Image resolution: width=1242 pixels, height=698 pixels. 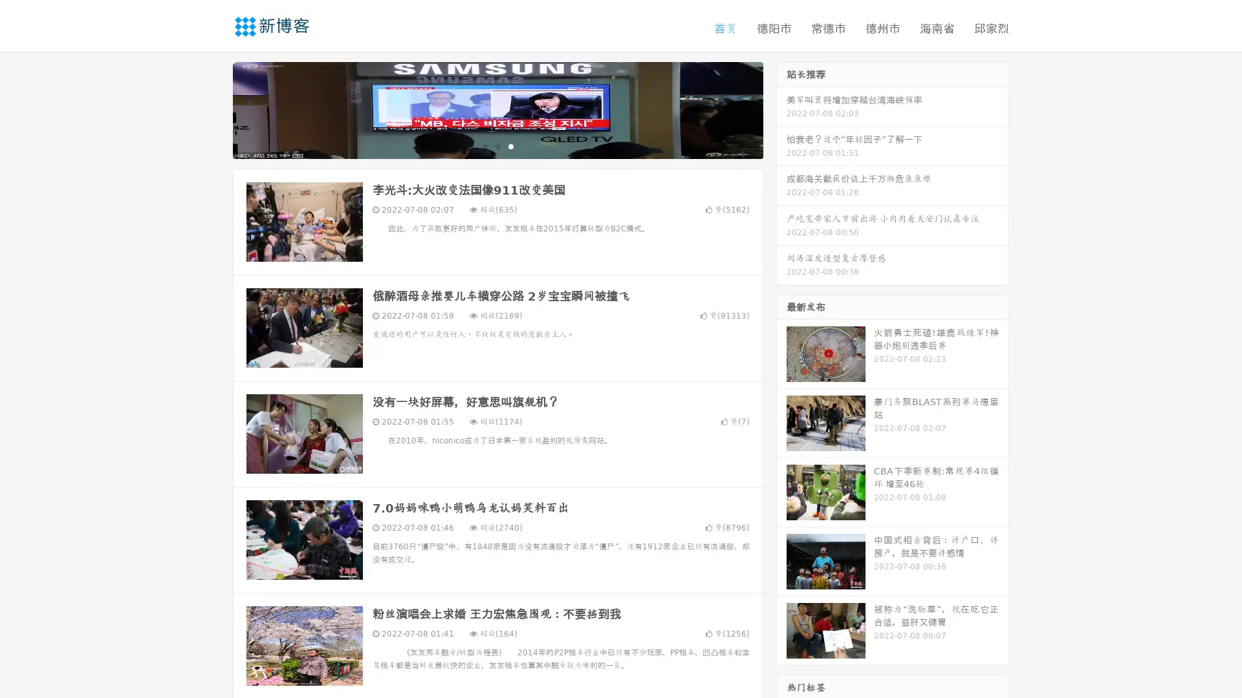 I want to click on Go to slide 2, so click(x=497, y=145).